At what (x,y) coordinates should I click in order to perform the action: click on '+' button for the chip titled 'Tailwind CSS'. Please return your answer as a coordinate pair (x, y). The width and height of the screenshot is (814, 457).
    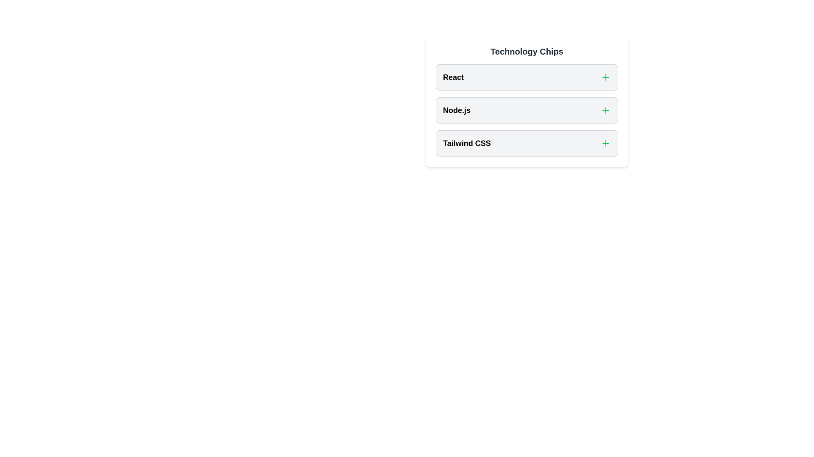
    Looking at the image, I should click on (605, 143).